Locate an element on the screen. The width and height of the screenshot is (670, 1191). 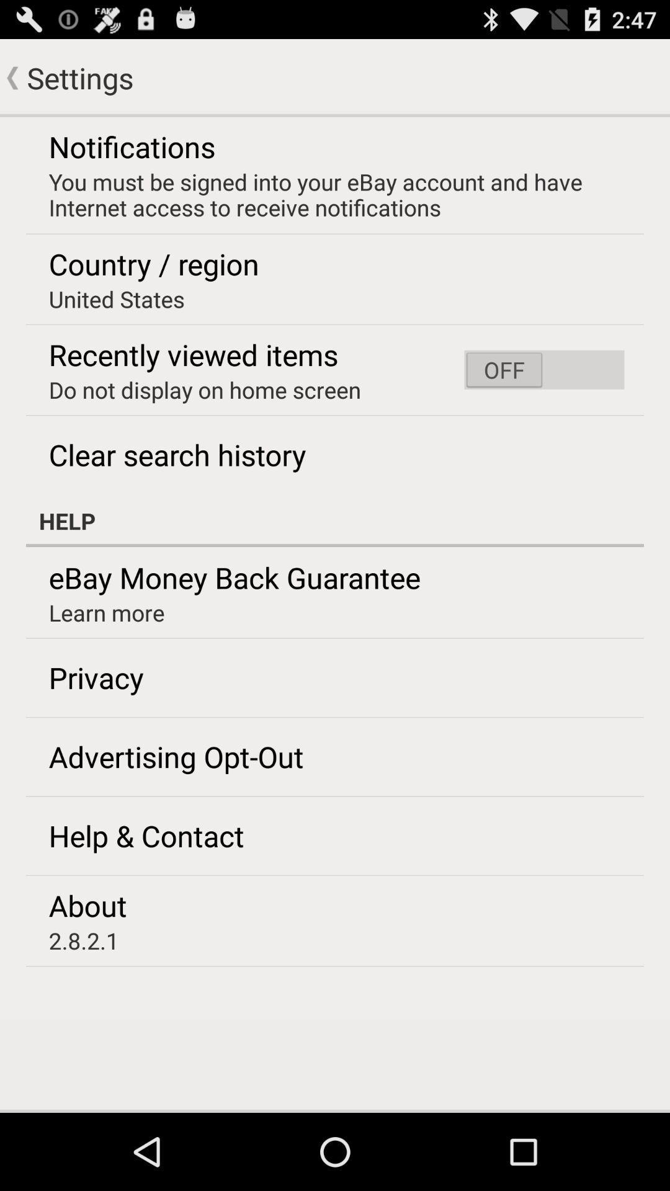
app below do not display app is located at coordinates (177, 454).